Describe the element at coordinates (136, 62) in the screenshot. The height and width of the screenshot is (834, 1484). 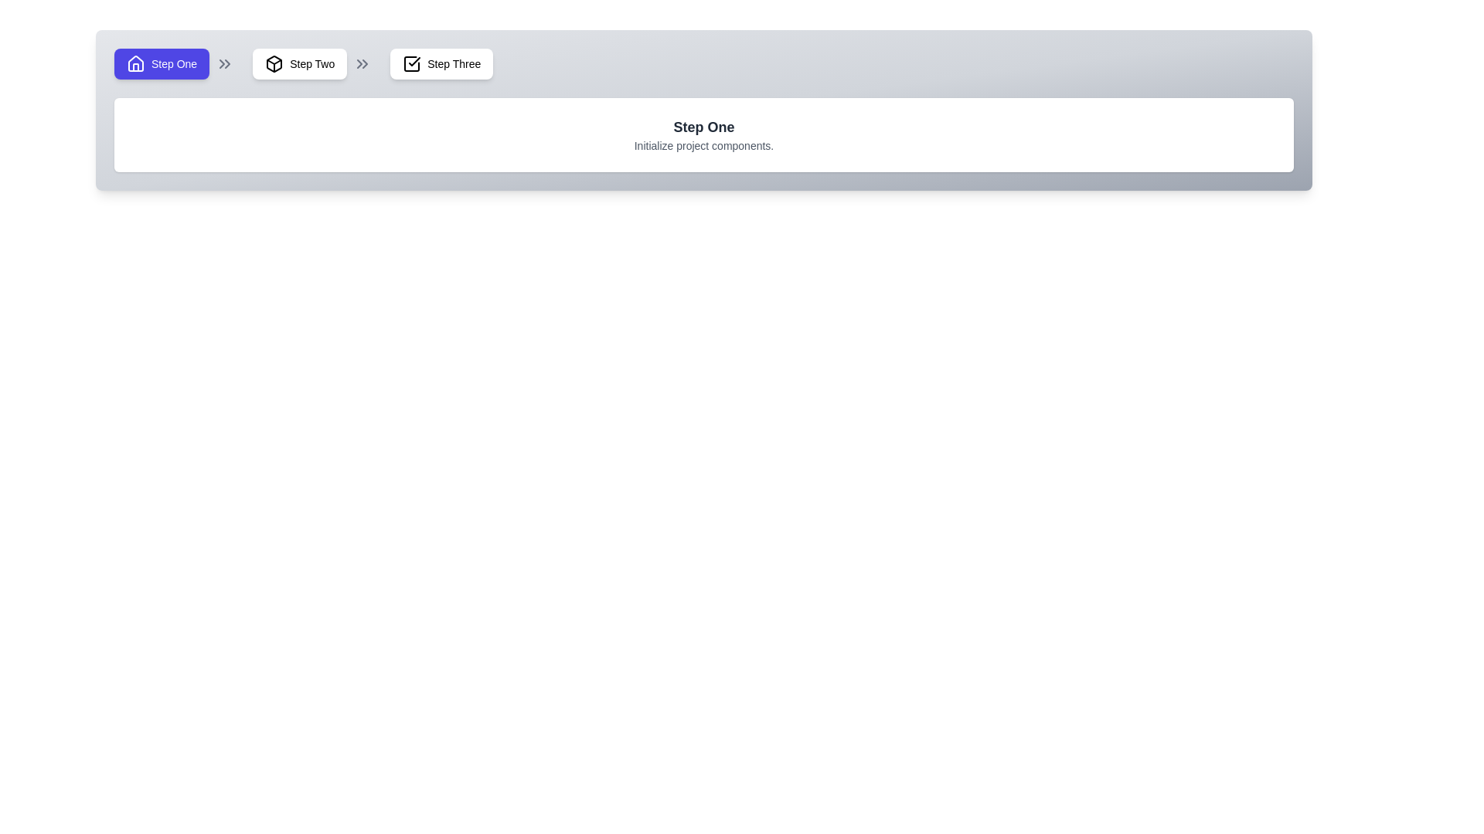
I see `the house-shaped icon located on the leftmost side of the step navigation bar, which is part of the 'Step One' button in the SVG graphic` at that location.